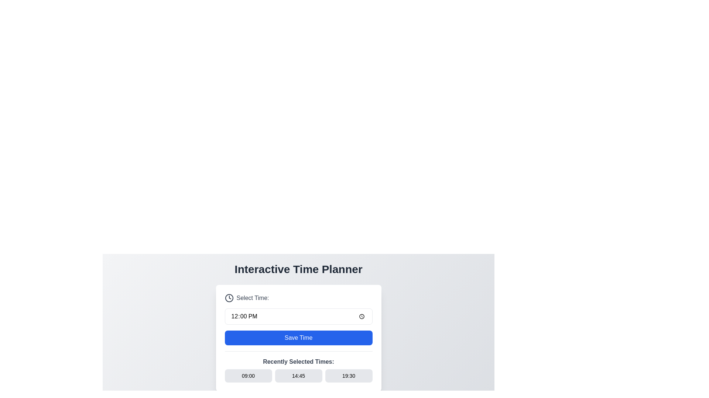 The image size is (709, 398). I want to click on the Text Label that reads 'Recently Selected Times:', styled in grayish color and bold, positioned above the time selection buttons, so click(298, 362).